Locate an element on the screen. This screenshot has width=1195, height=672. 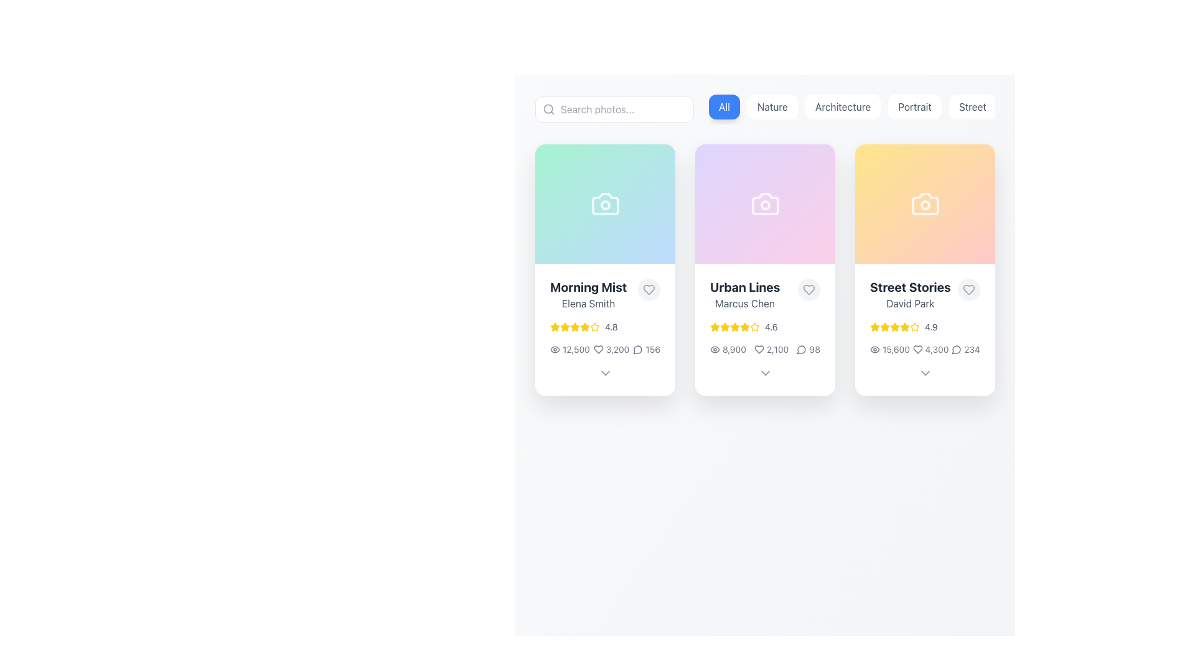
the second yellow star icon in the rating section for the card titled 'Urban Lines' is located at coordinates (734, 326).